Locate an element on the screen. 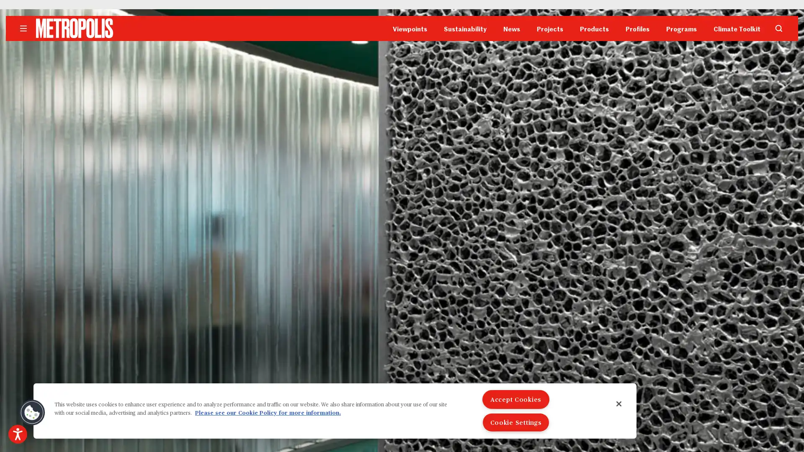 The height and width of the screenshot is (452, 804). Close is located at coordinates (619, 403).